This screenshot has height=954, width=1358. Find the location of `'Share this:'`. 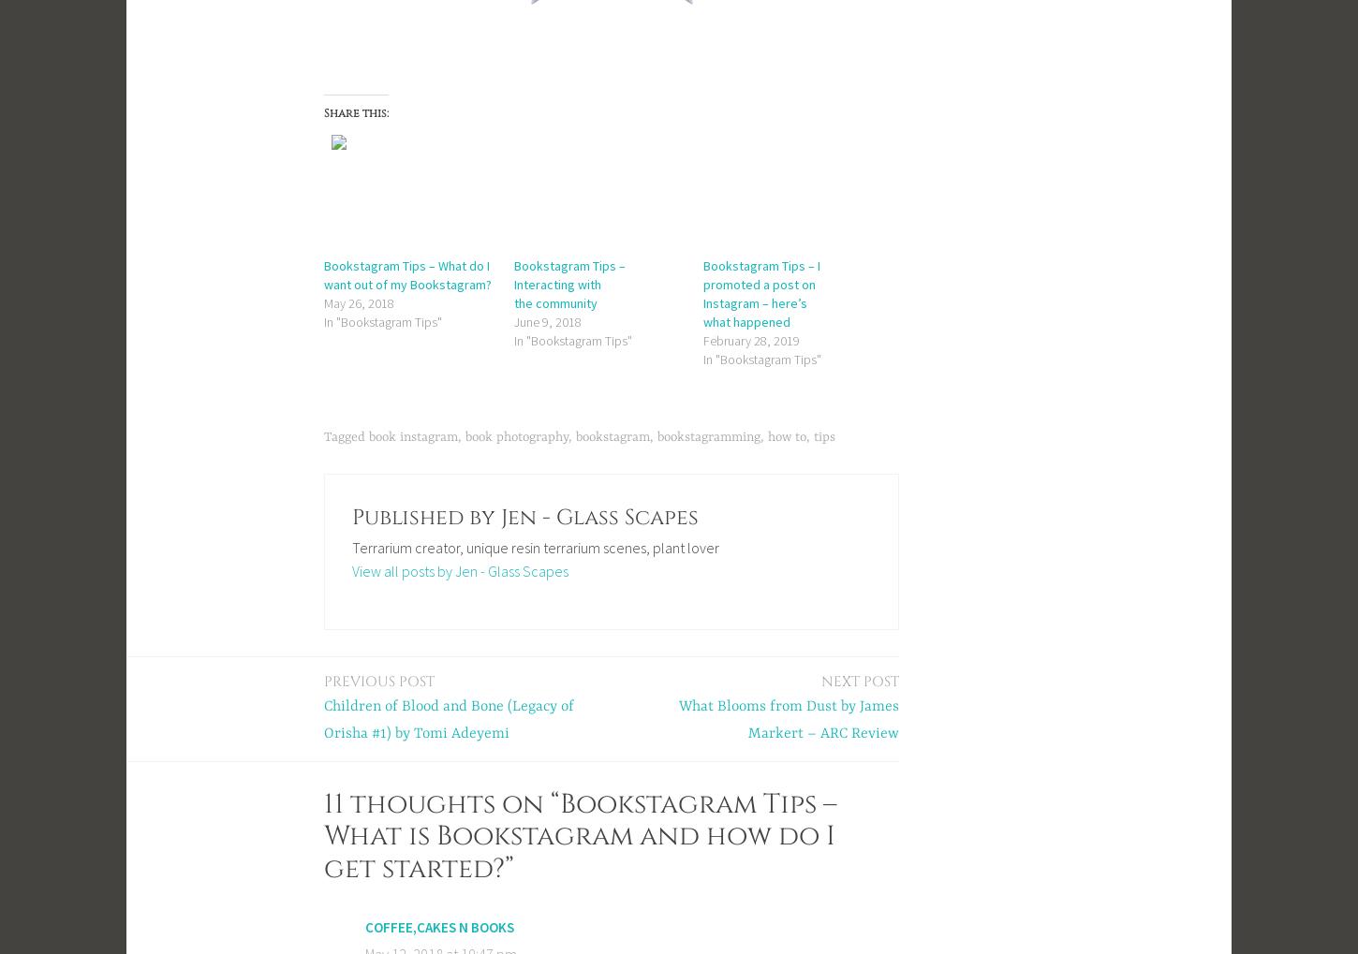

'Share this:' is located at coordinates (355, 111).